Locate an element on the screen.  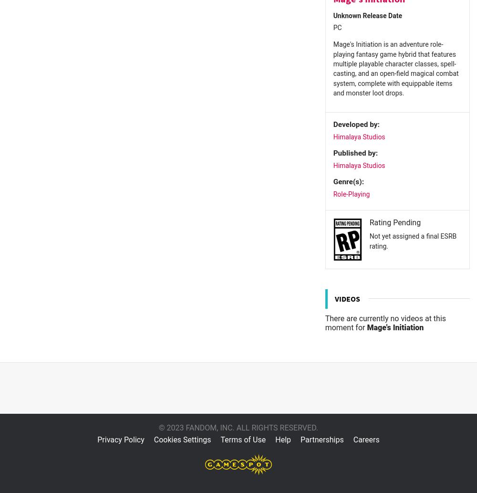
'Videos' is located at coordinates (334, 297).